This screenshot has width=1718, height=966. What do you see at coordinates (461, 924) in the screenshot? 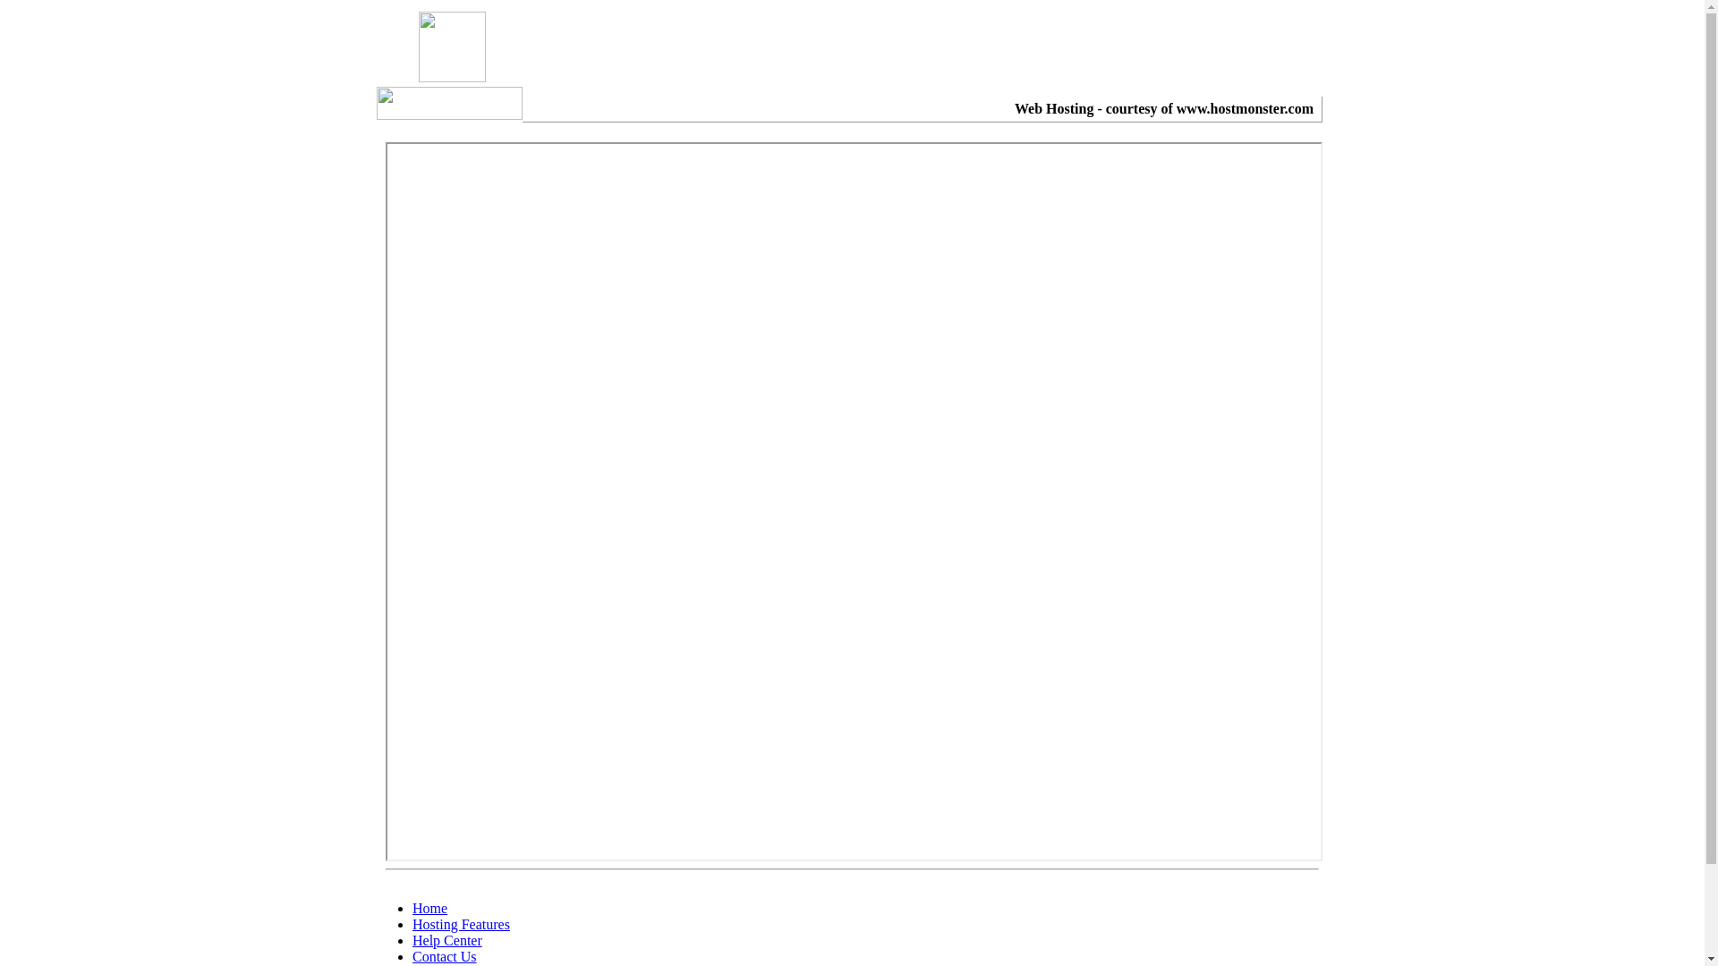
I see `'Hosting Features'` at bounding box center [461, 924].